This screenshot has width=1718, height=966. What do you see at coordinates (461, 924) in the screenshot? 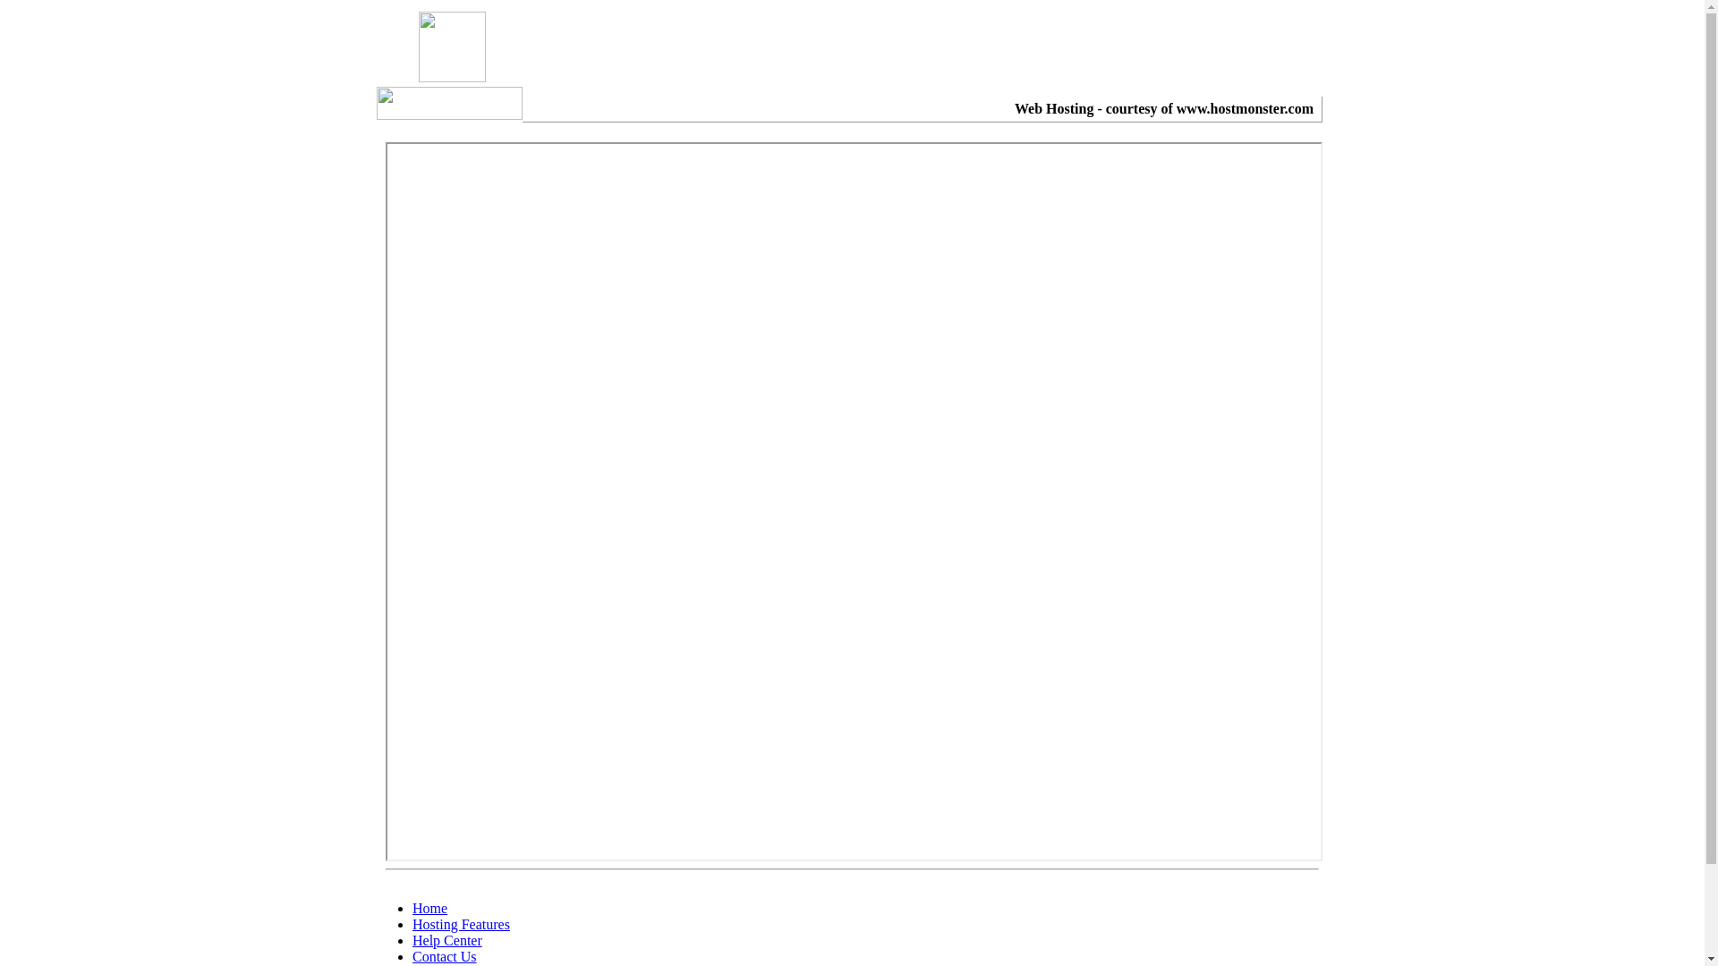
I see `'Hosting Features'` at bounding box center [461, 924].